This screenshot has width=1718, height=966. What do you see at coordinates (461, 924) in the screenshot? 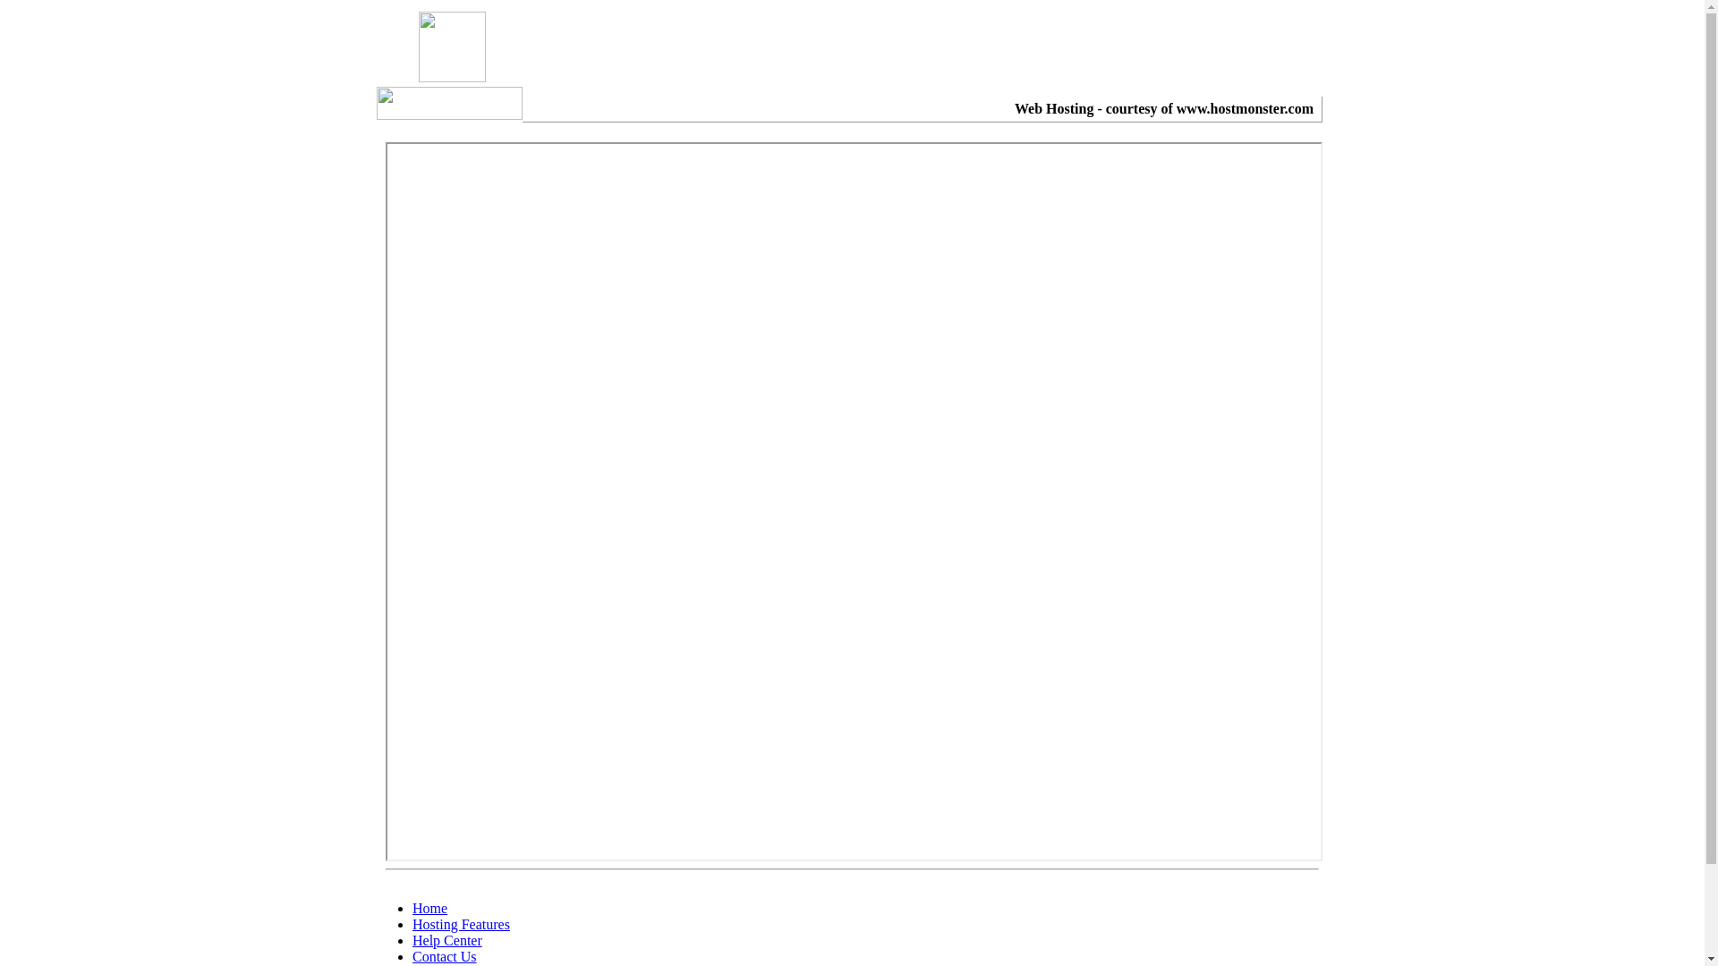
I see `'Hosting Features'` at bounding box center [461, 924].